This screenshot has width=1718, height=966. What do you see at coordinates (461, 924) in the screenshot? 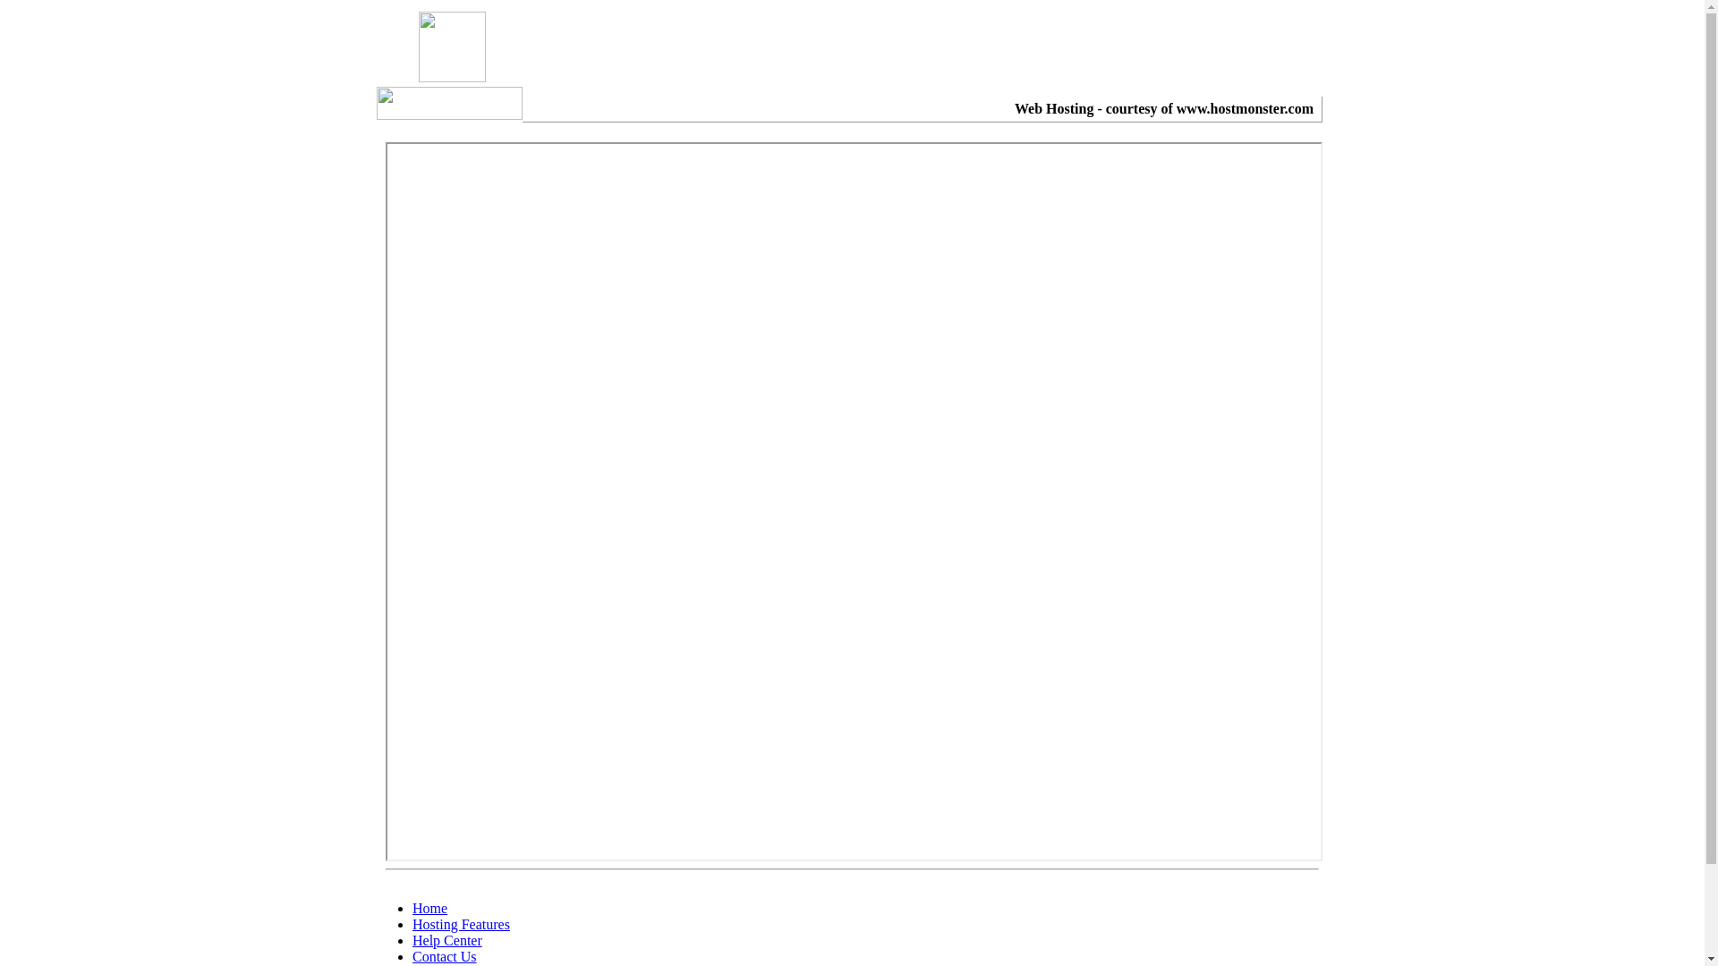
I see `'Hosting Features'` at bounding box center [461, 924].